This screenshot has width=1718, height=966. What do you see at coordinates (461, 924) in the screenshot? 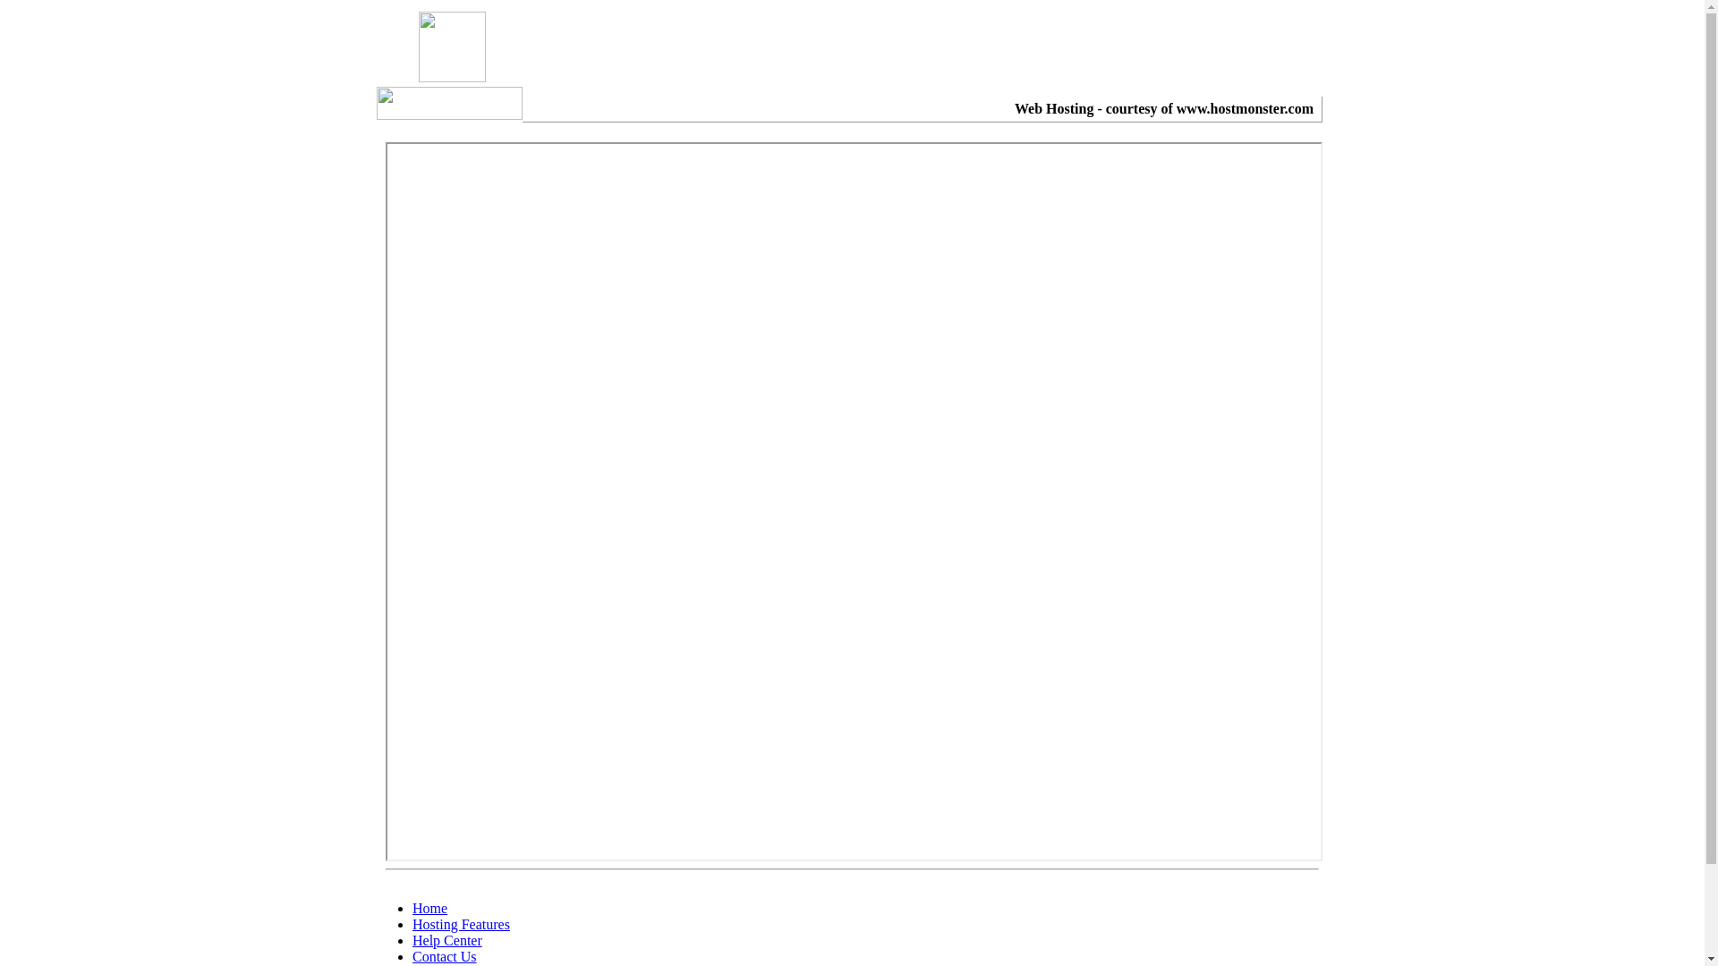
I see `'Hosting Features'` at bounding box center [461, 924].